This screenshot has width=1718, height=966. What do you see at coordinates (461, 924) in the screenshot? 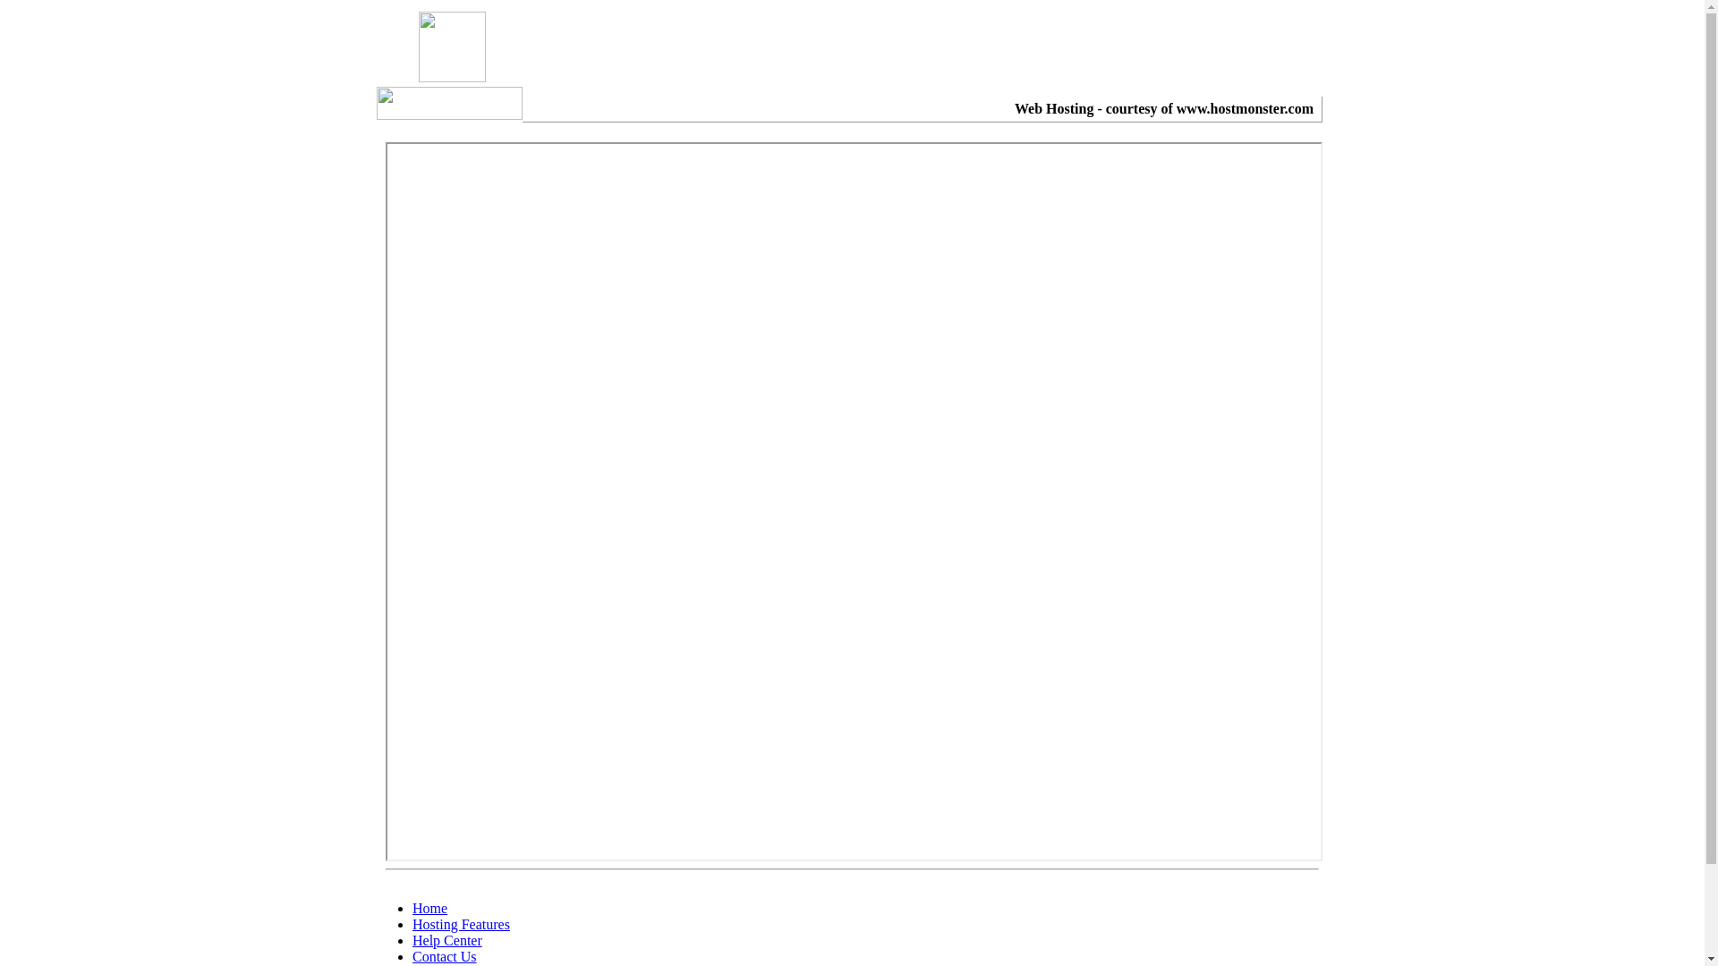
I see `'Hosting Features'` at bounding box center [461, 924].